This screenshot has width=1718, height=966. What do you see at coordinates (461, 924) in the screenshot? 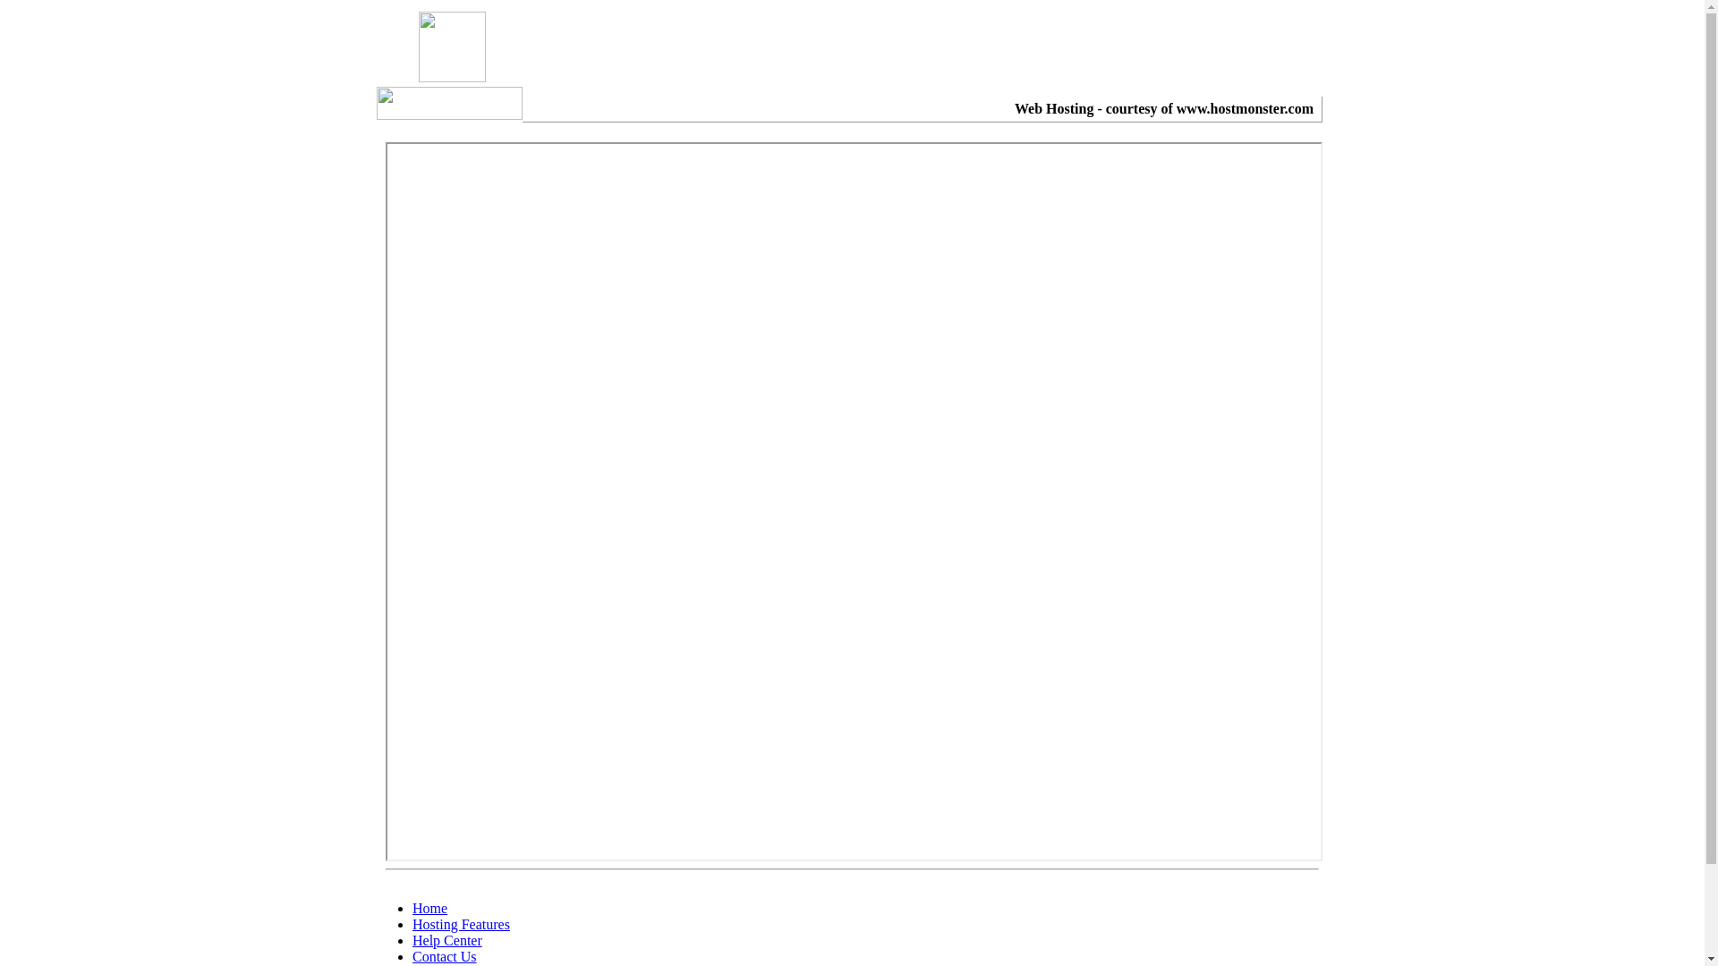
I see `'Hosting Features'` at bounding box center [461, 924].